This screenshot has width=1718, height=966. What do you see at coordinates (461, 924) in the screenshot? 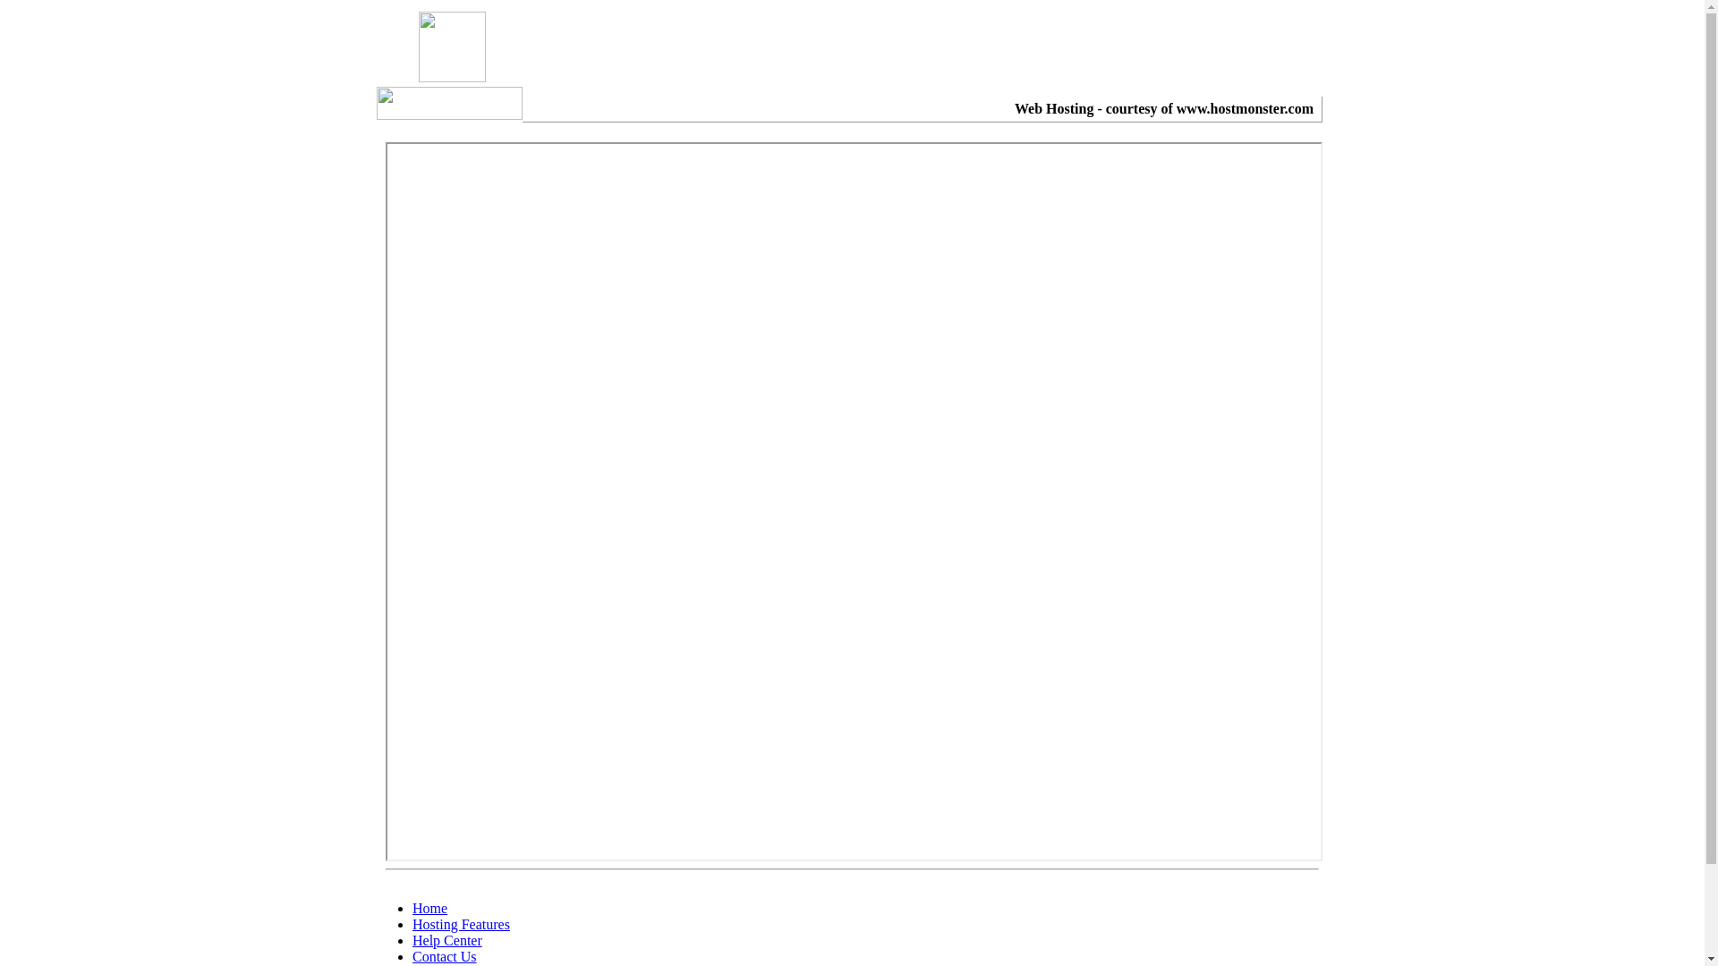
I see `'Hosting Features'` at bounding box center [461, 924].